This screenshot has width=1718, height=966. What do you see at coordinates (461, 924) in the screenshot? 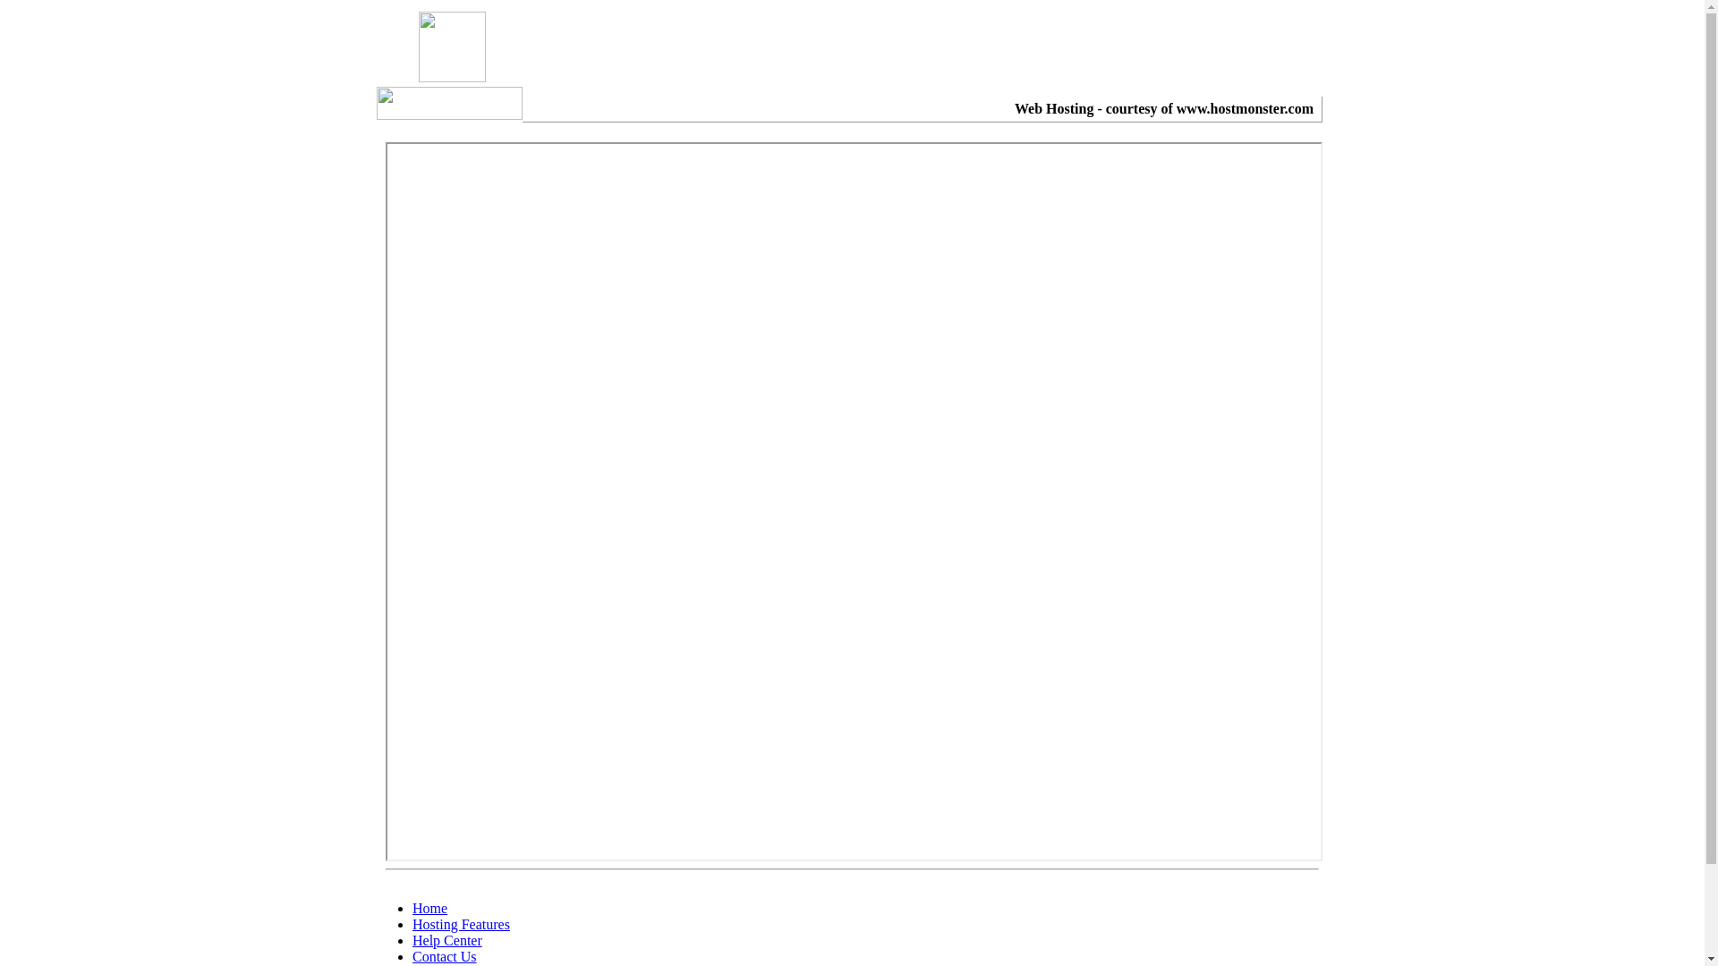
I see `'Hosting Features'` at bounding box center [461, 924].